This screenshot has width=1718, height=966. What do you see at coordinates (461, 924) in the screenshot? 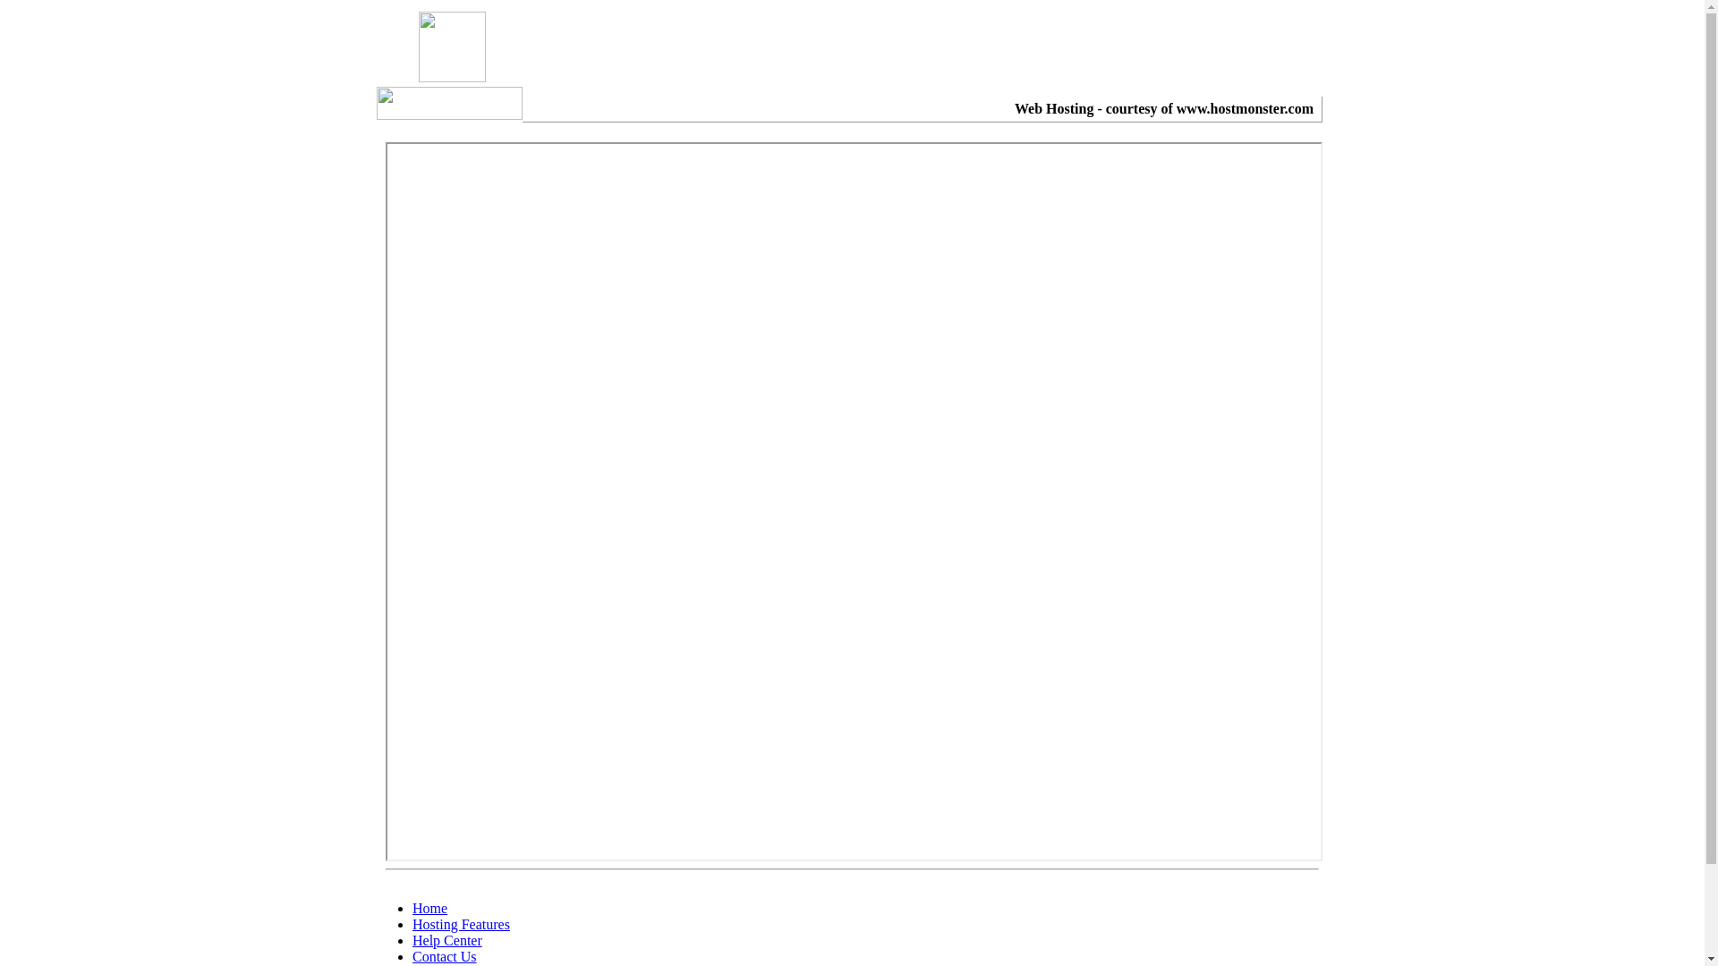
I see `'Hosting Features'` at bounding box center [461, 924].